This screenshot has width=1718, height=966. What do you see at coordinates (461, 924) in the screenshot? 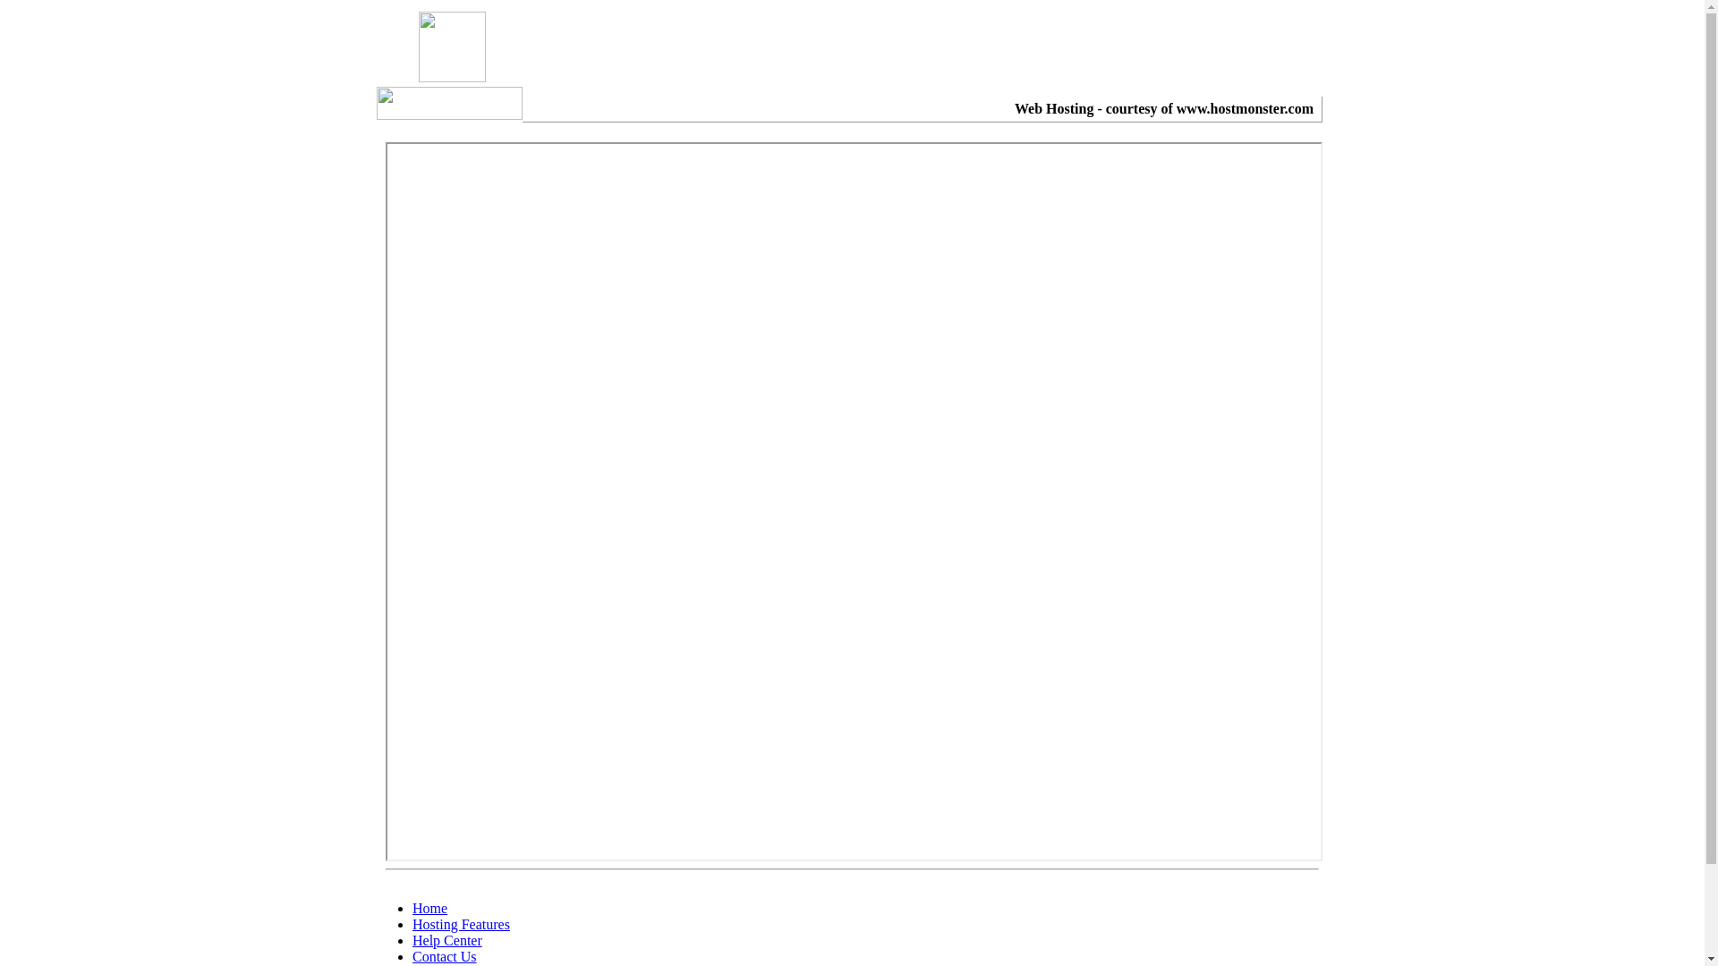
I see `'Hosting Features'` at bounding box center [461, 924].